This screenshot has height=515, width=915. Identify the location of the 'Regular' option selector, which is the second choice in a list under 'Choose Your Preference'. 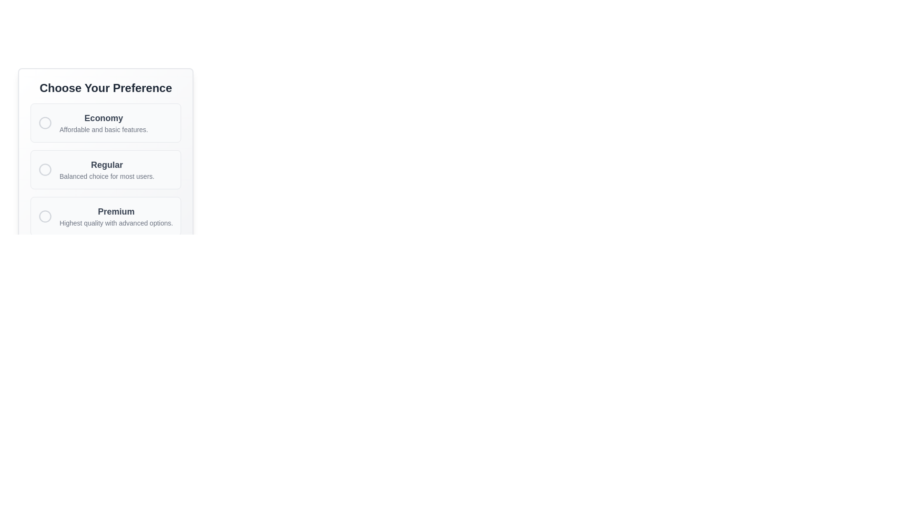
(106, 157).